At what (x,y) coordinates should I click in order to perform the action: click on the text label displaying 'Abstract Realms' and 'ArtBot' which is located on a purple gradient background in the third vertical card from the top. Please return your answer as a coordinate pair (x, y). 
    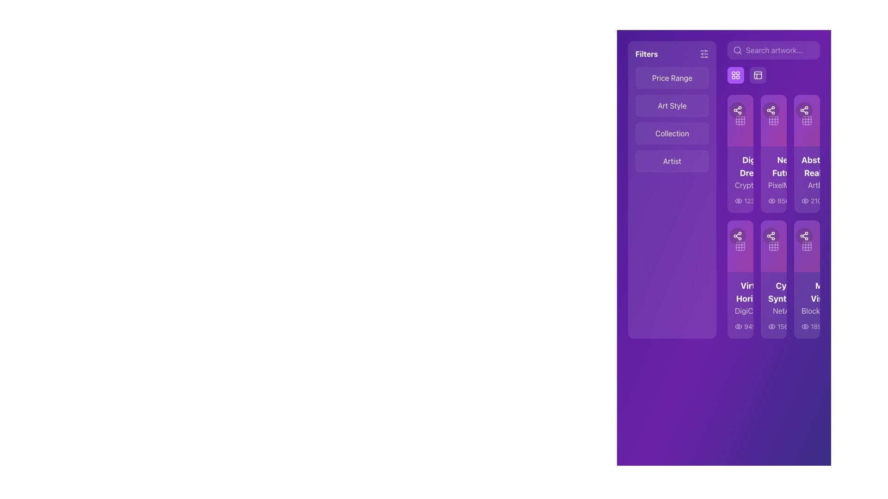
    Looking at the image, I should click on (819, 172).